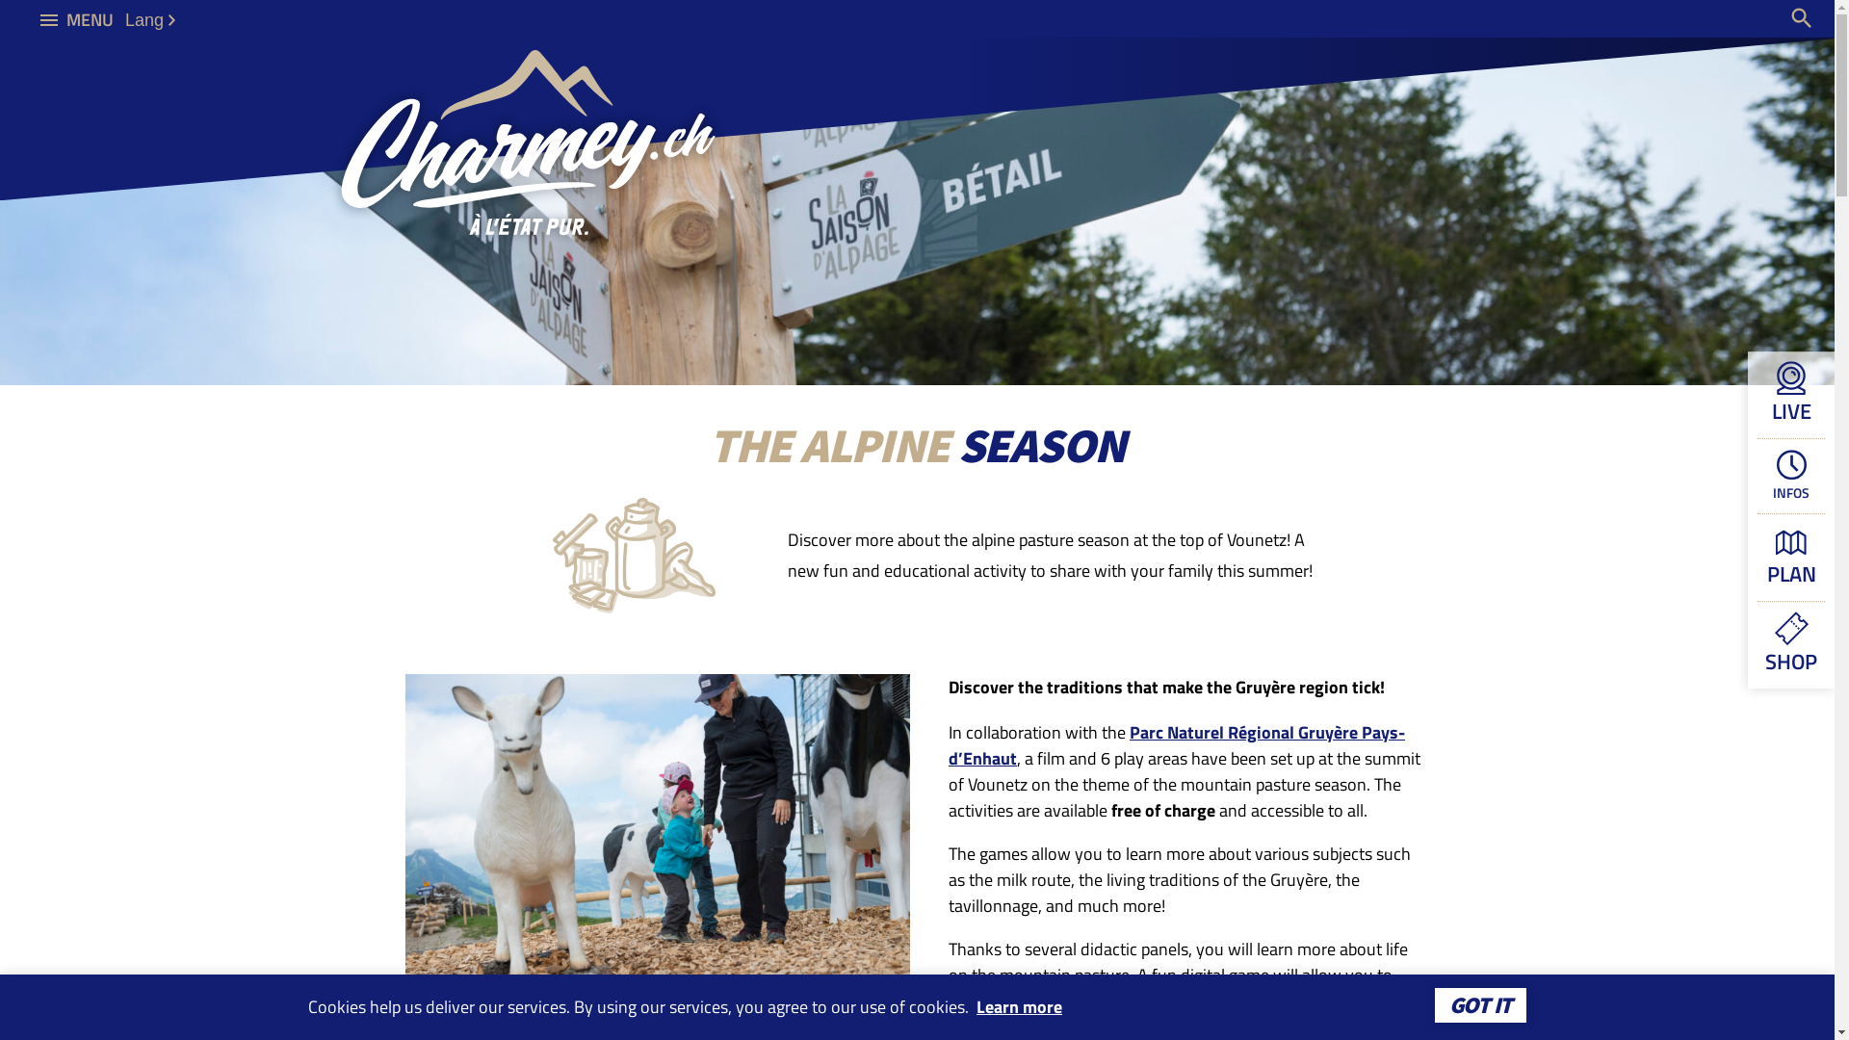 Image resolution: width=1849 pixels, height=1040 pixels. What do you see at coordinates (1790, 393) in the screenshot?
I see `'LIVE'` at bounding box center [1790, 393].